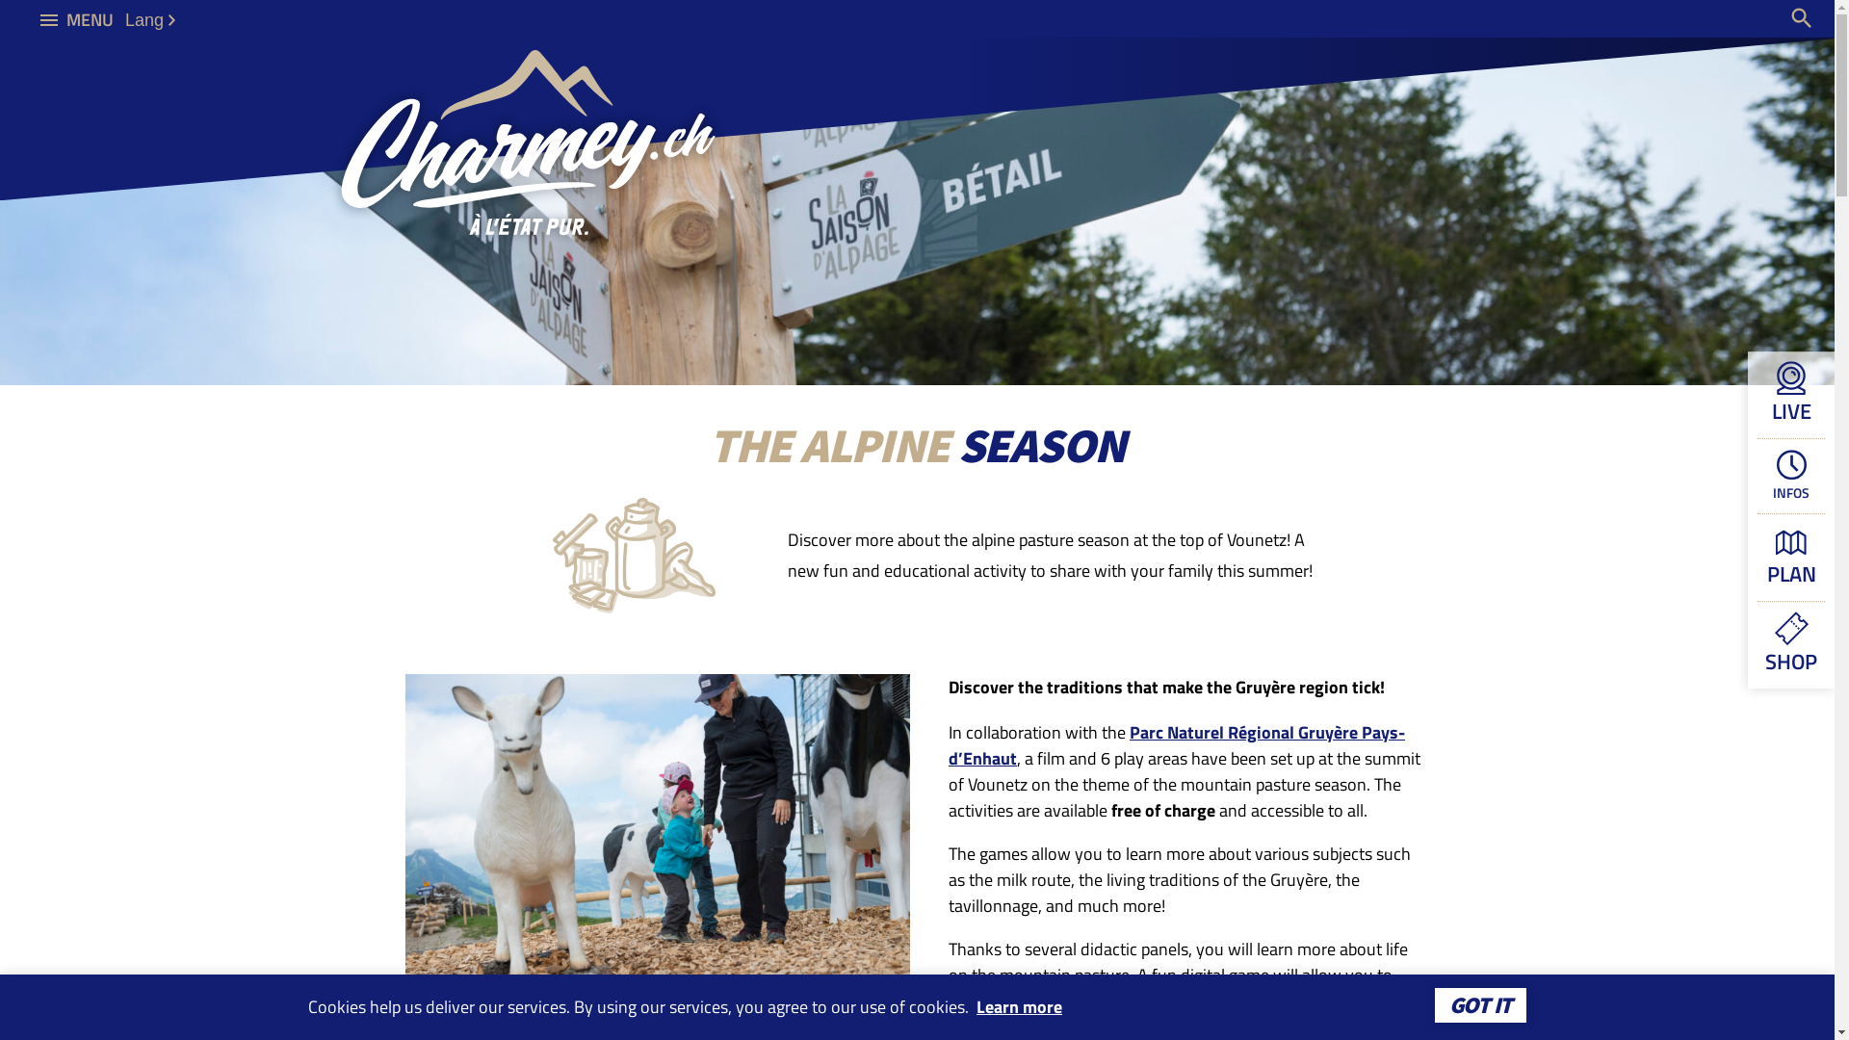 Image resolution: width=1849 pixels, height=1040 pixels. What do you see at coordinates (1790, 393) in the screenshot?
I see `'LIVE'` at bounding box center [1790, 393].